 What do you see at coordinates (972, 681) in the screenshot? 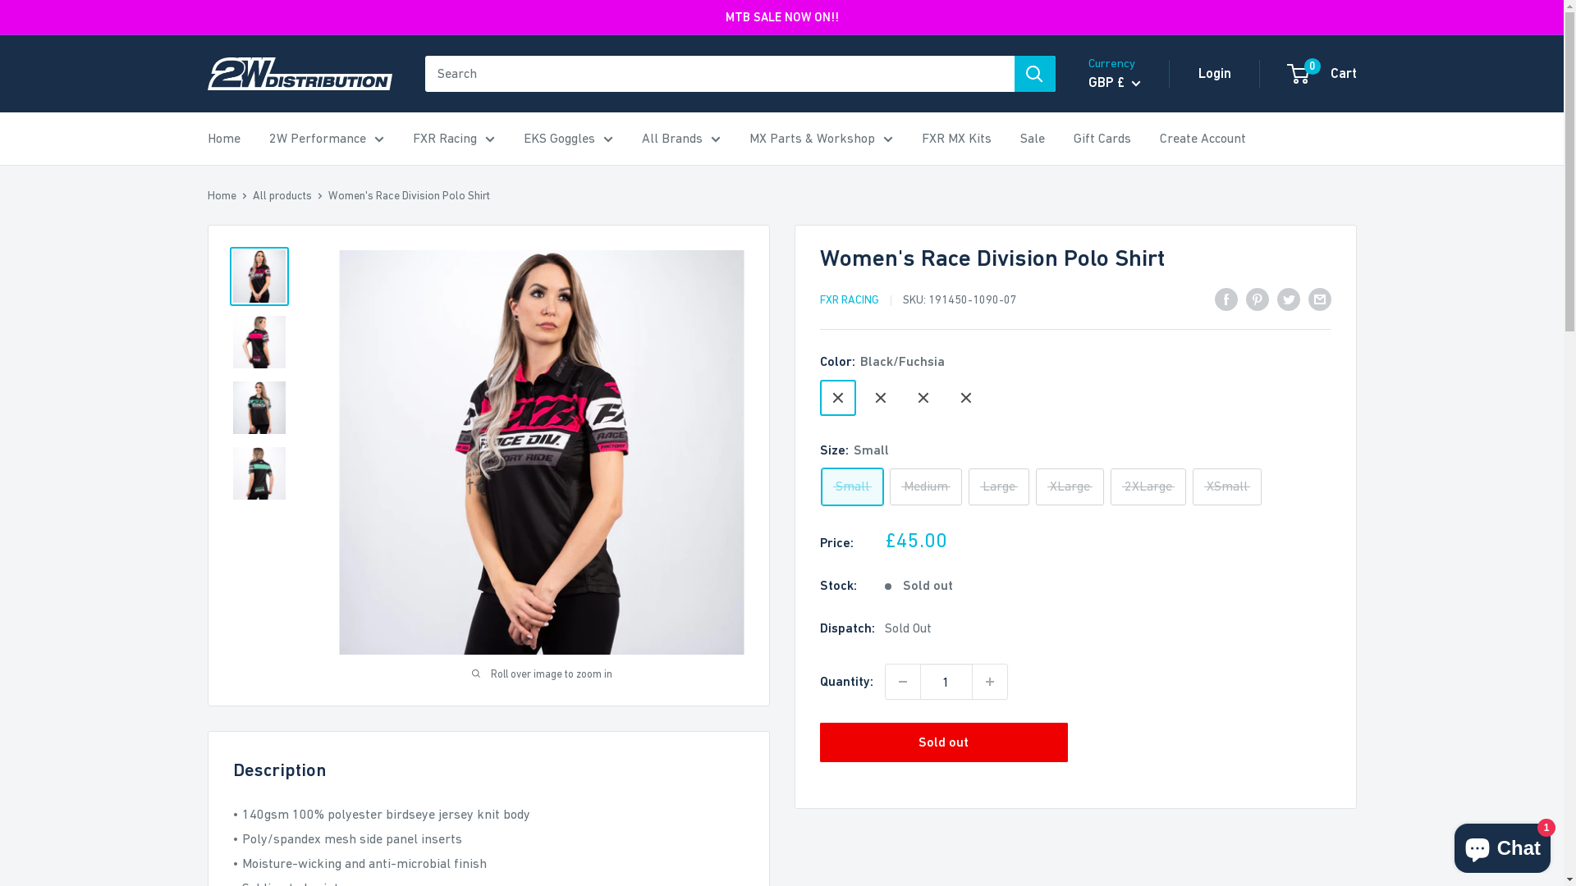
I see `'Increase quantity by 1'` at bounding box center [972, 681].